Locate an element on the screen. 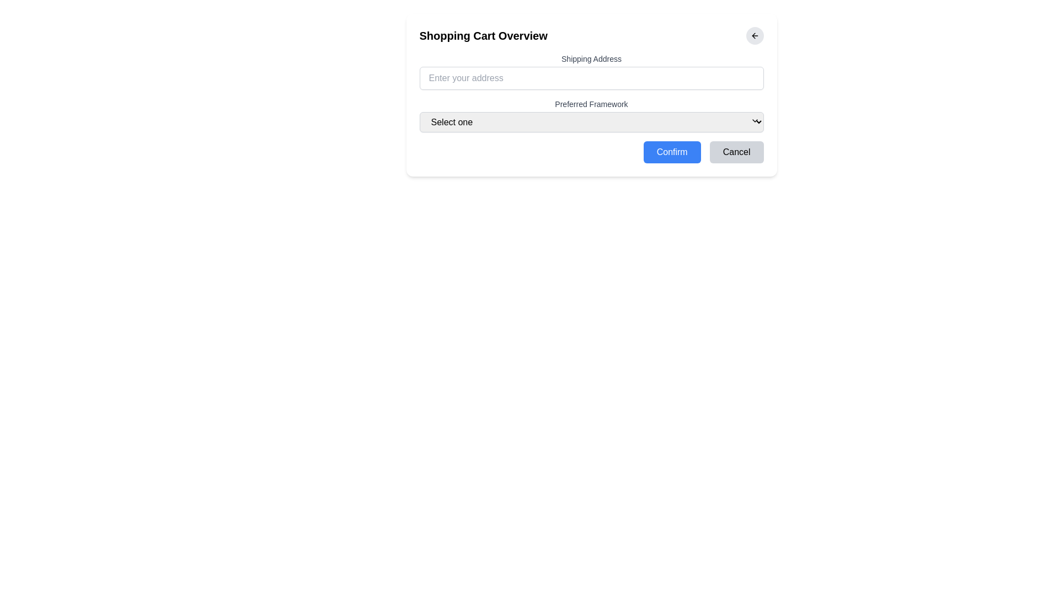 The height and width of the screenshot is (596, 1059). the 'Cancel' button, which is a rectangular button with rounded corners featuring the text 'Cancel' in black font on a light gray background, located to the right of the 'Confirm' button is located at coordinates (736, 152).